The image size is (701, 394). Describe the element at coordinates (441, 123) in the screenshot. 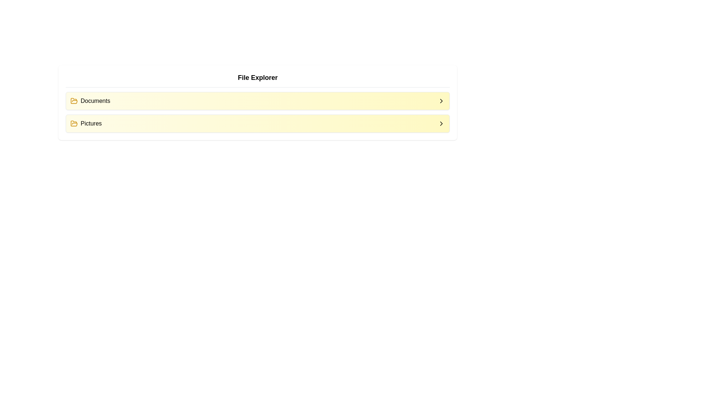

I see `the chevron icon located at the far right of the 'Pictures' entry in the list to emphasize the item` at that location.